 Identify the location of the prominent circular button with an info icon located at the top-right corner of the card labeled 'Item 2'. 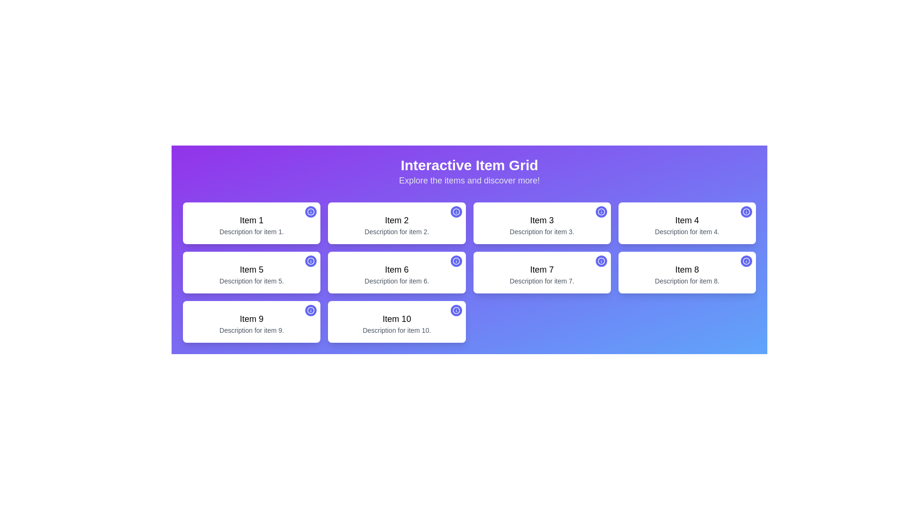
(456, 211).